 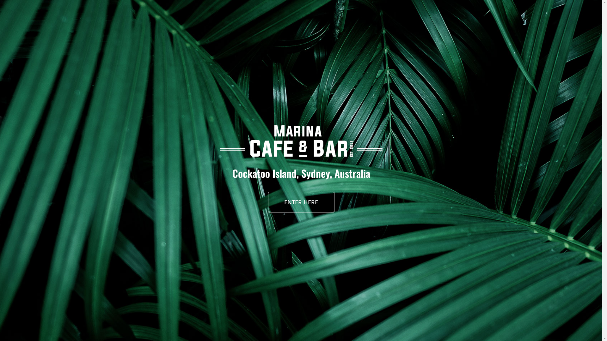 What do you see at coordinates (301, 202) in the screenshot?
I see `'ENTER HERE'` at bounding box center [301, 202].